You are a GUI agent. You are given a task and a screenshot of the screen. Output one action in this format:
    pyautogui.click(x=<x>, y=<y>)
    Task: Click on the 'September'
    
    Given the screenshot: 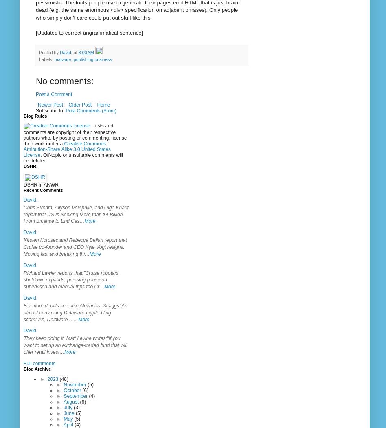 What is the action you would take?
    pyautogui.click(x=76, y=395)
    